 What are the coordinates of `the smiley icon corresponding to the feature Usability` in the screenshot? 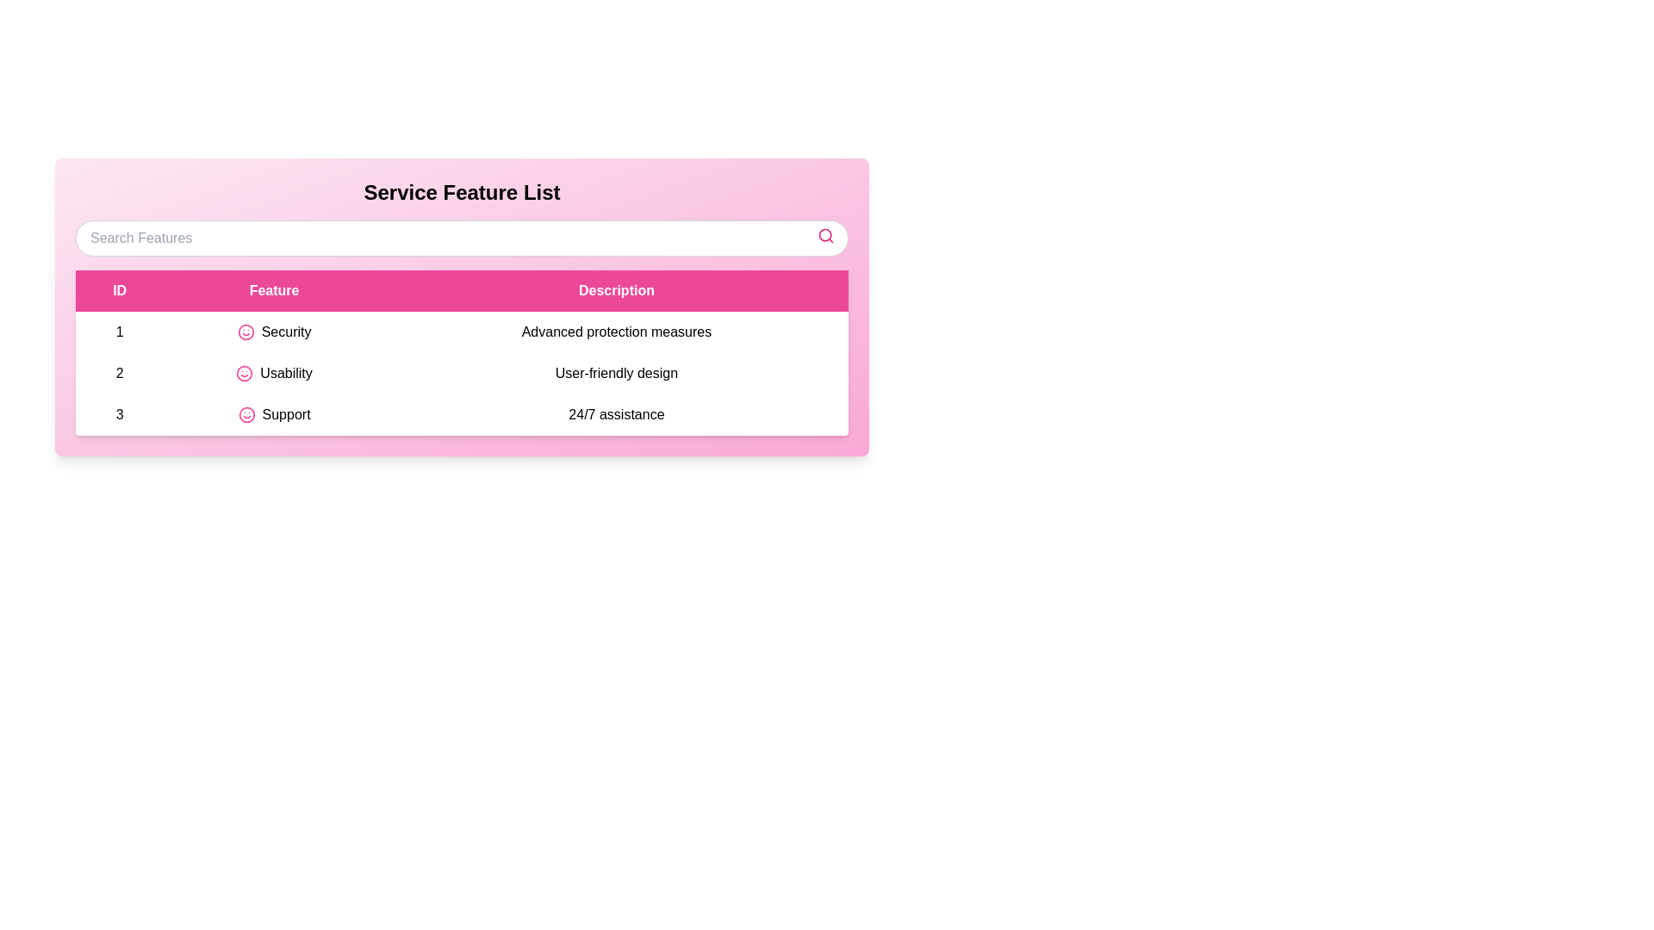 It's located at (244, 373).